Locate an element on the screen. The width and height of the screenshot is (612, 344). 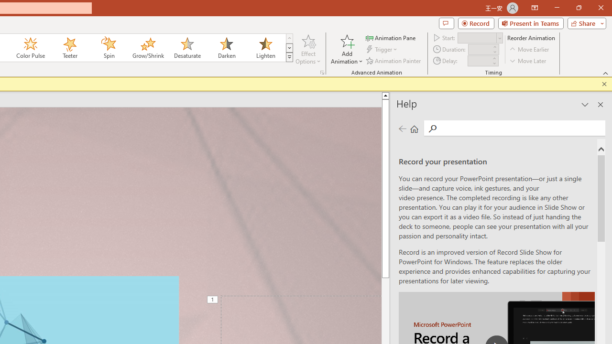
'Darken' is located at coordinates (226, 48).